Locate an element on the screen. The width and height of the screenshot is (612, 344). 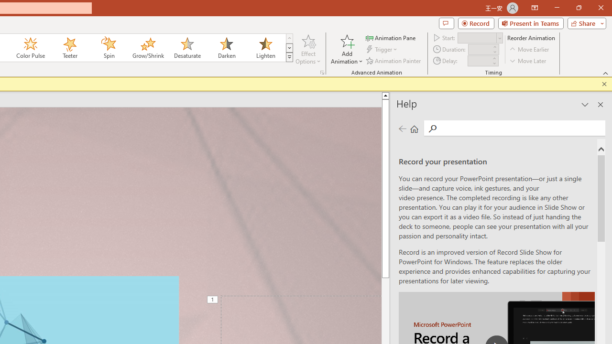
'Darken' is located at coordinates (226, 48).